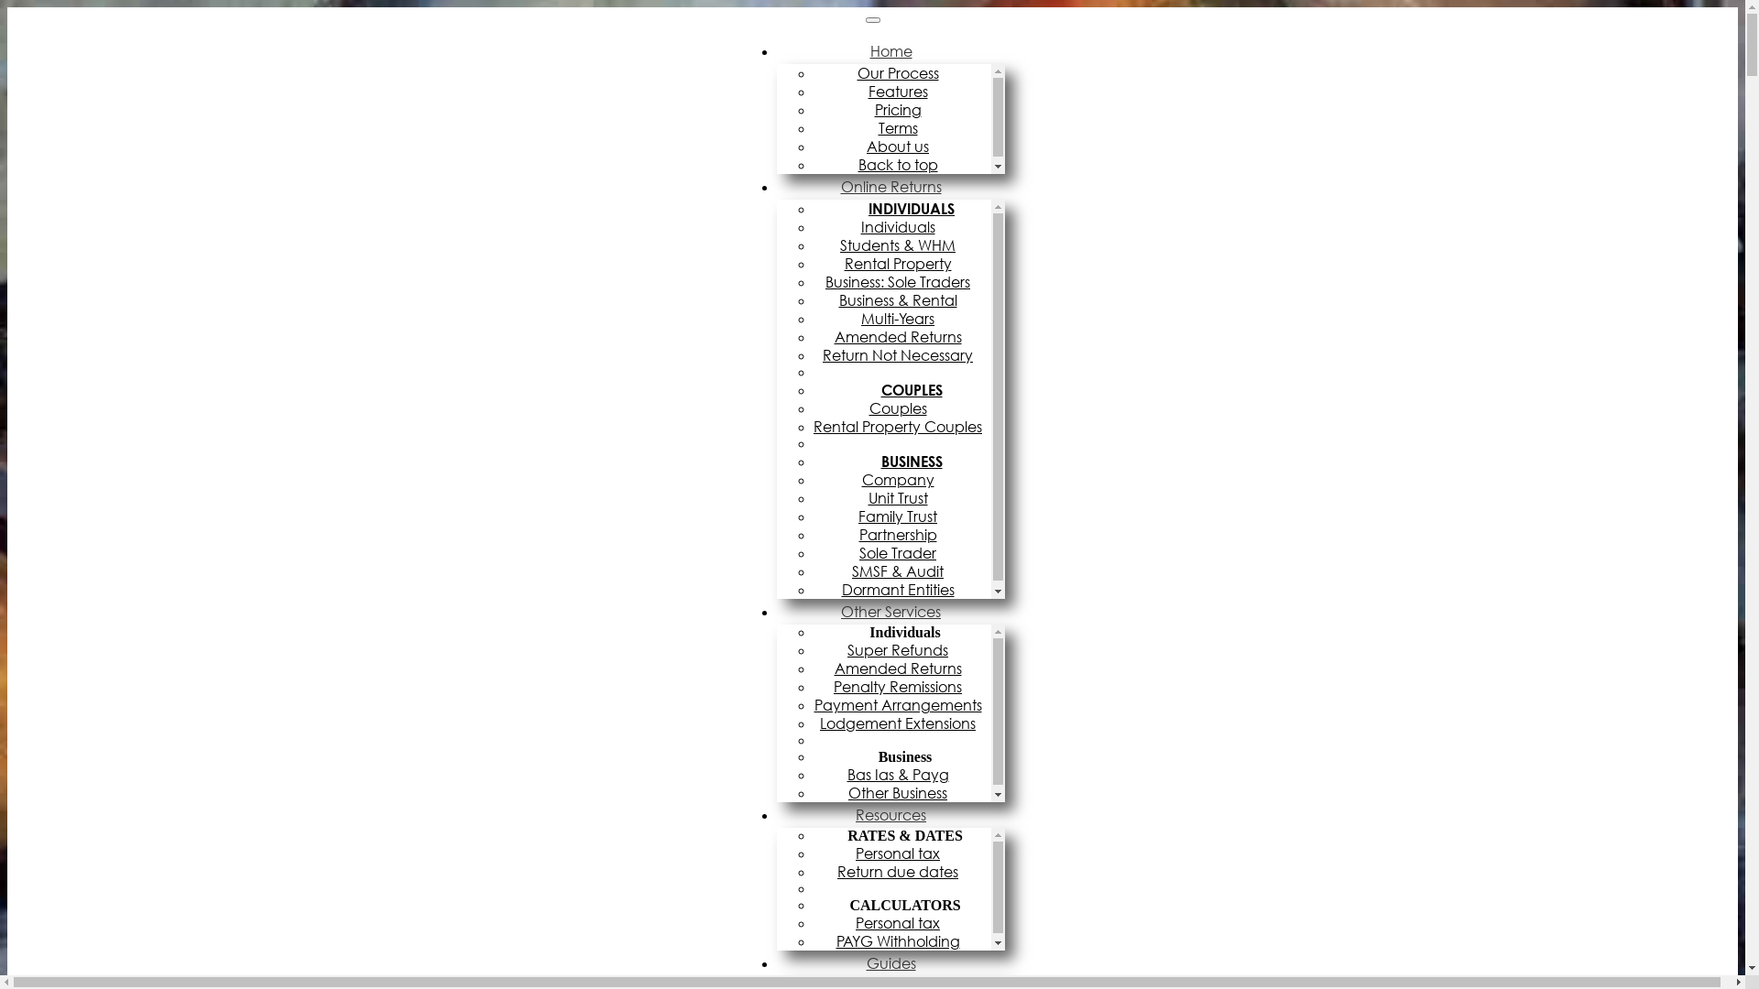 This screenshot has width=1759, height=989. I want to click on 'Family Trust', so click(901, 516).